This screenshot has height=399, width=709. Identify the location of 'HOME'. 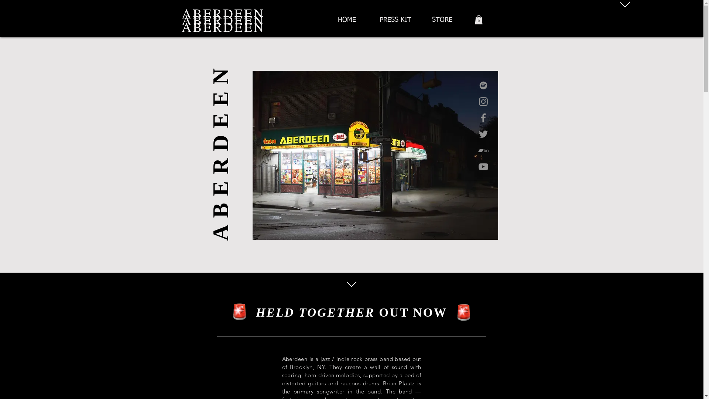
(347, 20).